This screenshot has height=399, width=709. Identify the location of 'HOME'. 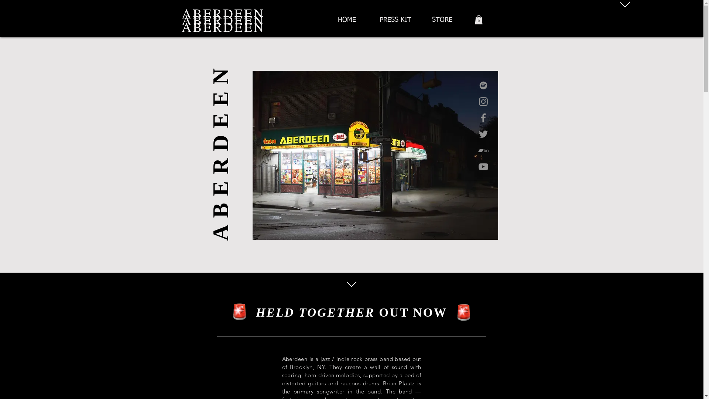
(347, 20).